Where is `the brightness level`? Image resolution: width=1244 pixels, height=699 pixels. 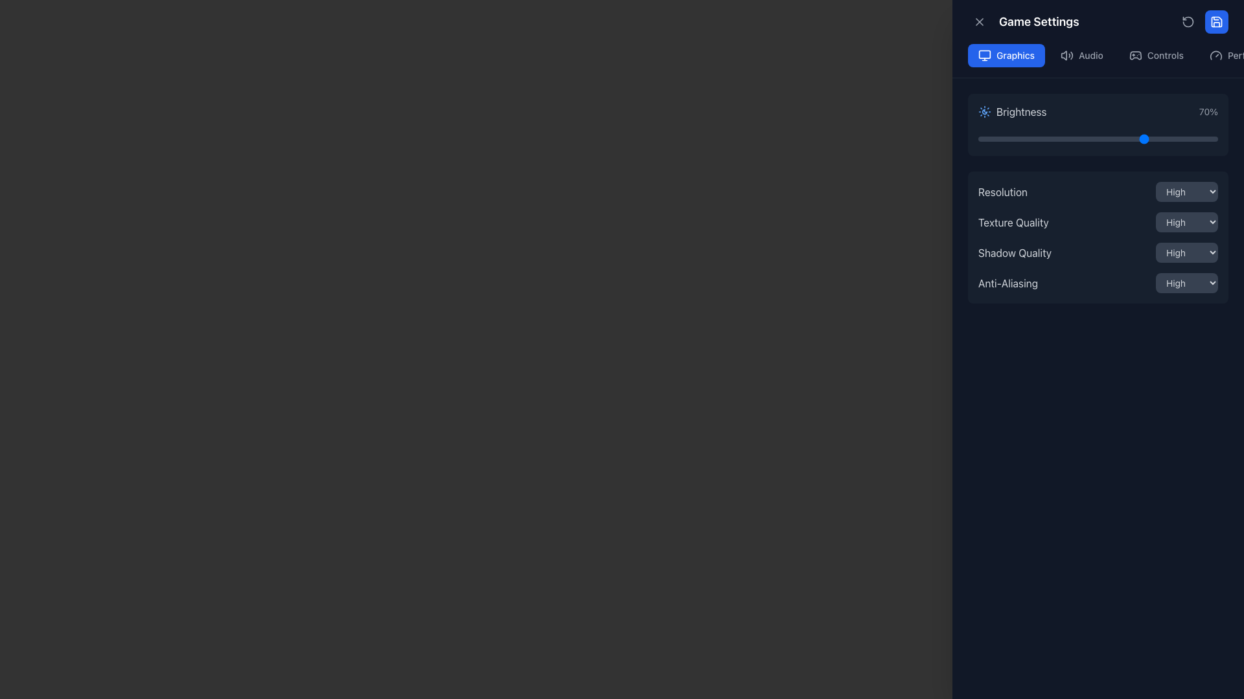
the brightness level is located at coordinates (1001, 139).